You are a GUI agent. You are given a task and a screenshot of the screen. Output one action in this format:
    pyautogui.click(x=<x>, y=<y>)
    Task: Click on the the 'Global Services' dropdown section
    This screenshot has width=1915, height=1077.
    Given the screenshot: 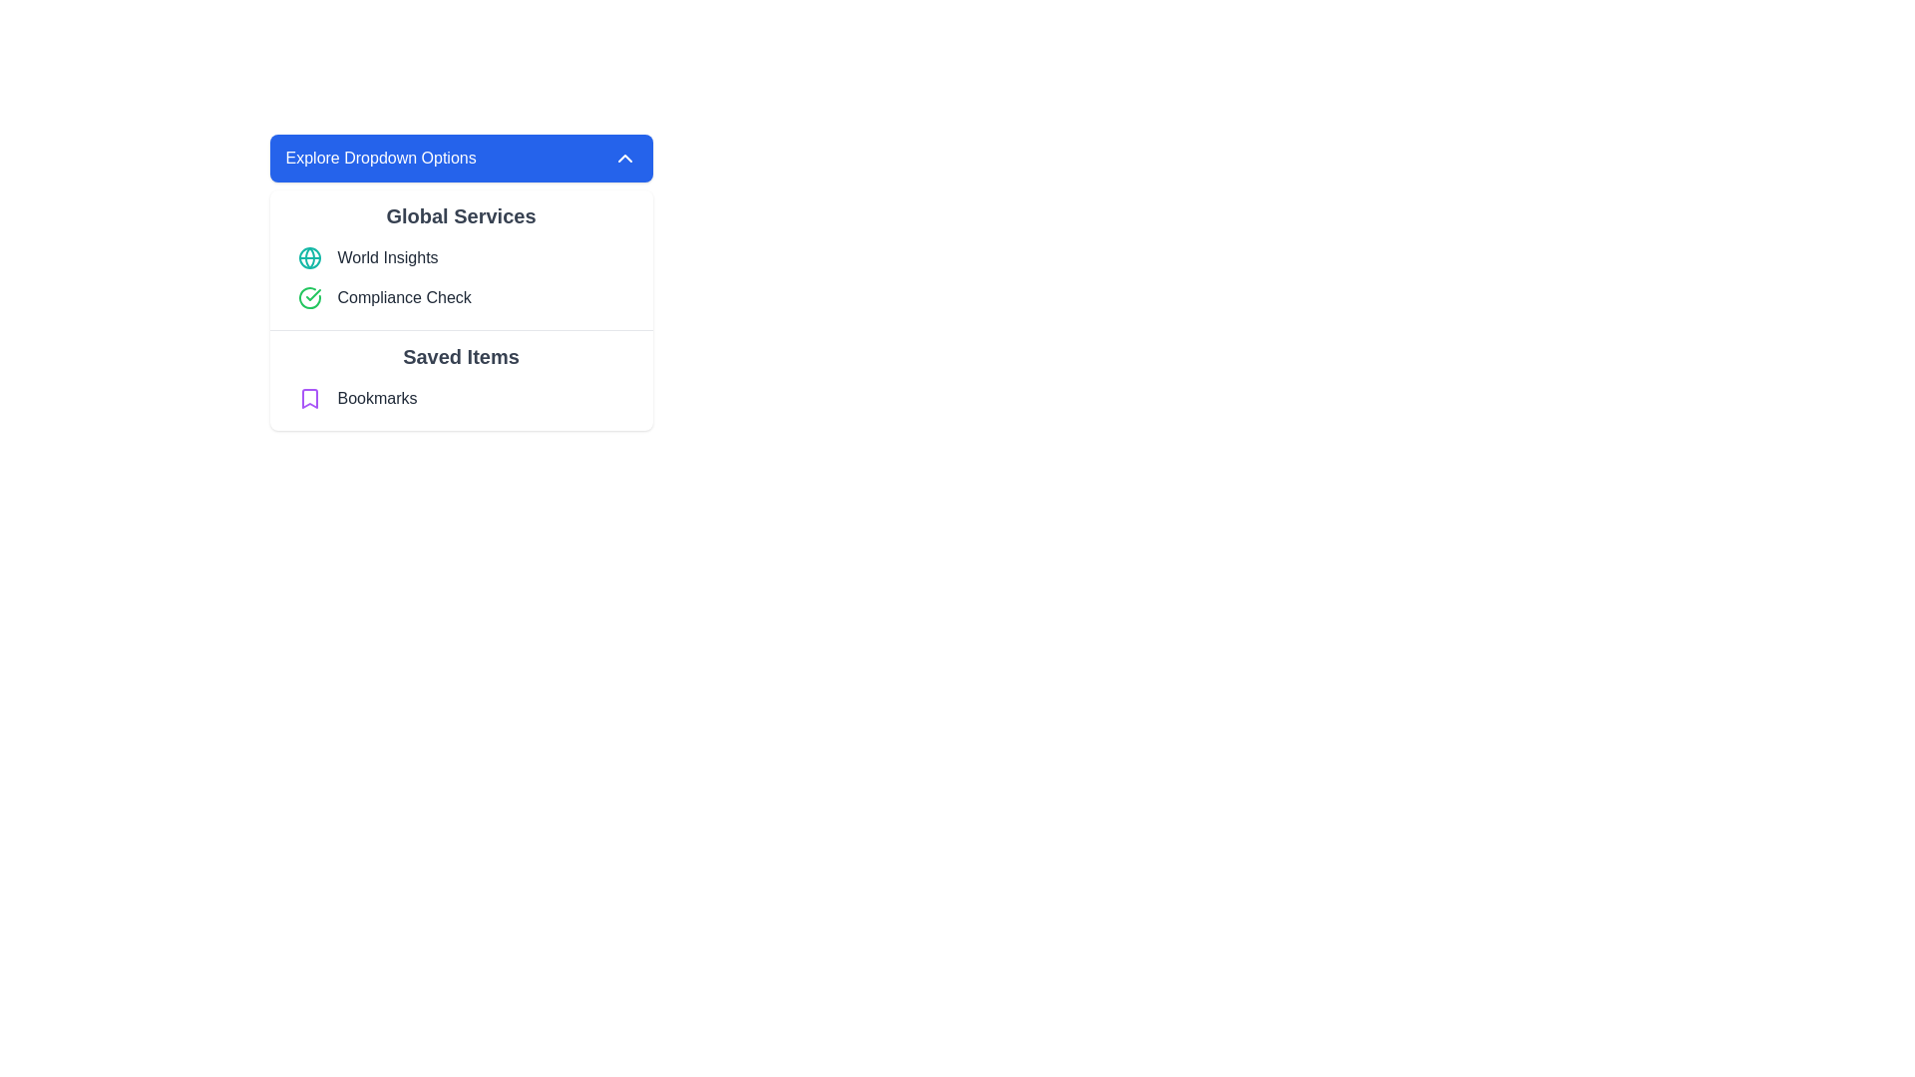 What is the action you would take?
    pyautogui.click(x=460, y=310)
    